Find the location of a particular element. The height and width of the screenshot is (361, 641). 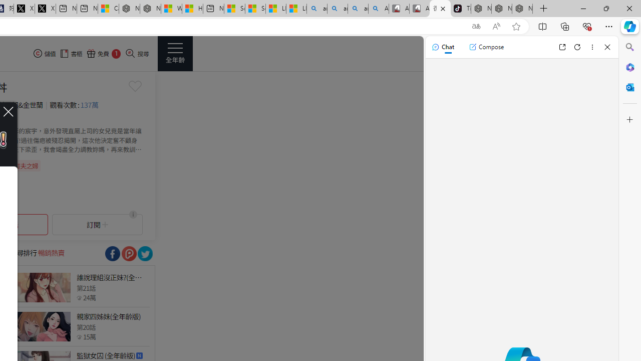

'Customize' is located at coordinates (629, 119).